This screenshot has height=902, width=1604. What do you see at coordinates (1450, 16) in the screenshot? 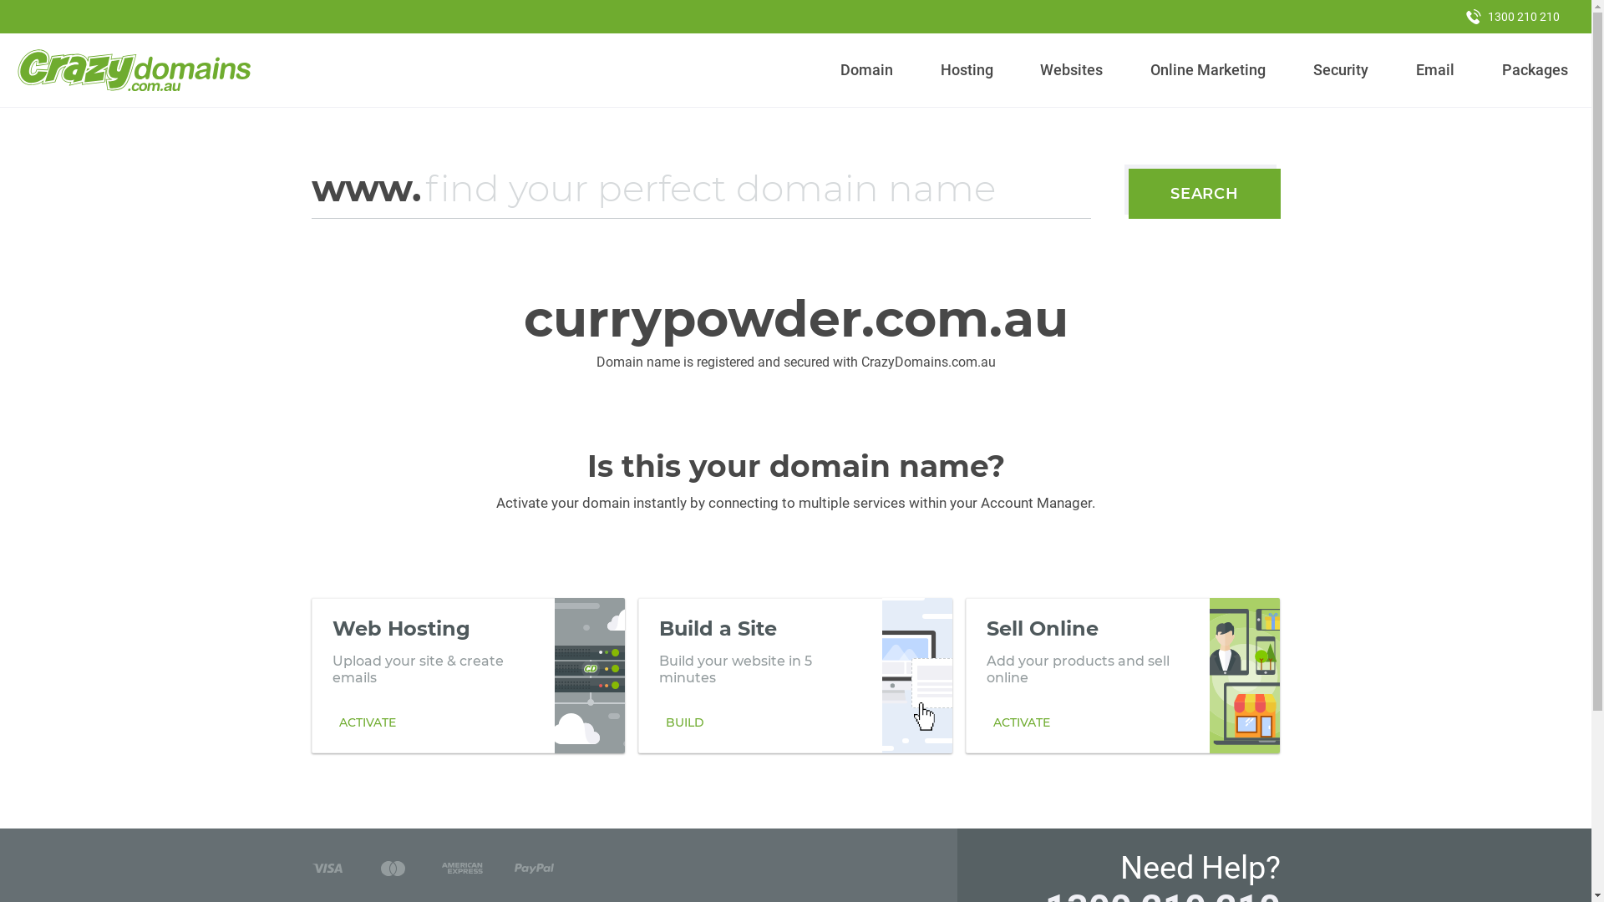
I see `'1300 210 210'` at bounding box center [1450, 16].